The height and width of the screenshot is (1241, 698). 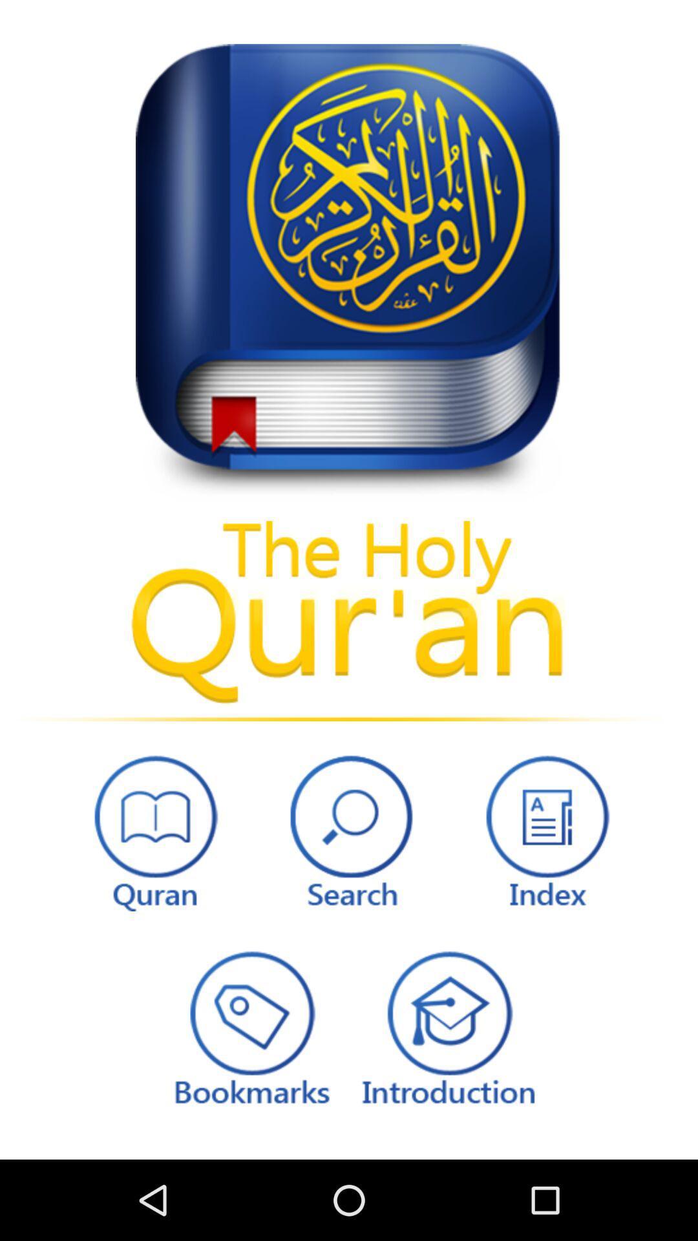 I want to click on icon at the bottom left corner, so click(x=152, y=829).